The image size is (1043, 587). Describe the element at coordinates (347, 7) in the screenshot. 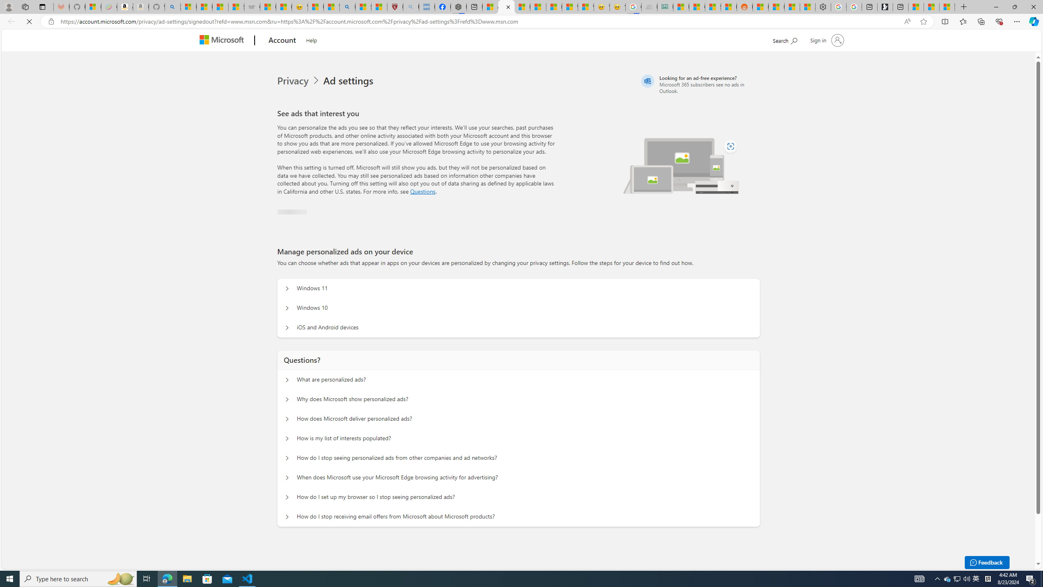

I see `'Bing'` at that location.